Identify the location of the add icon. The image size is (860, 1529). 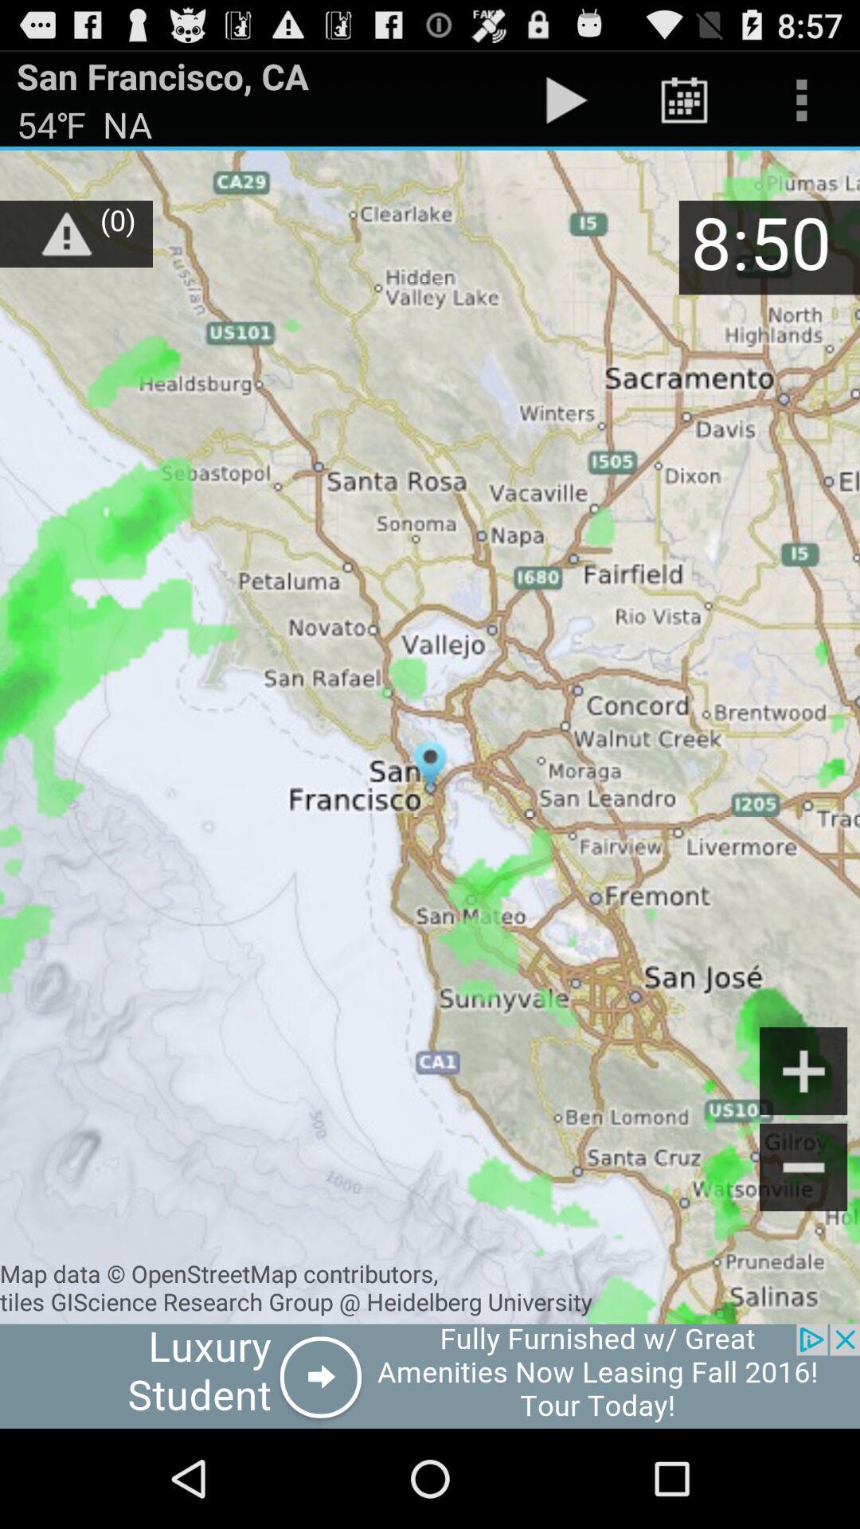
(803, 1145).